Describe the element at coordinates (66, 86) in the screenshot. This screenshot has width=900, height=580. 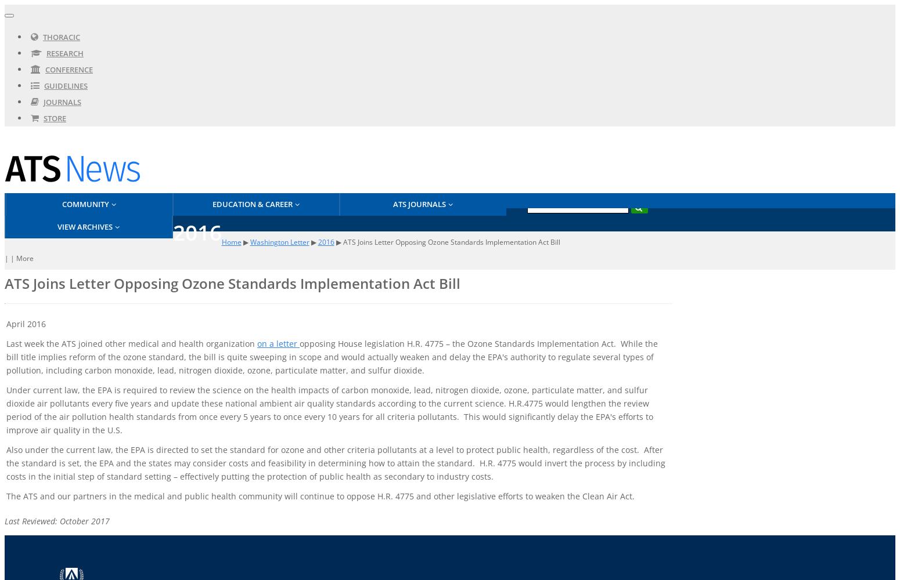
I see `'GUIDELINES'` at that location.